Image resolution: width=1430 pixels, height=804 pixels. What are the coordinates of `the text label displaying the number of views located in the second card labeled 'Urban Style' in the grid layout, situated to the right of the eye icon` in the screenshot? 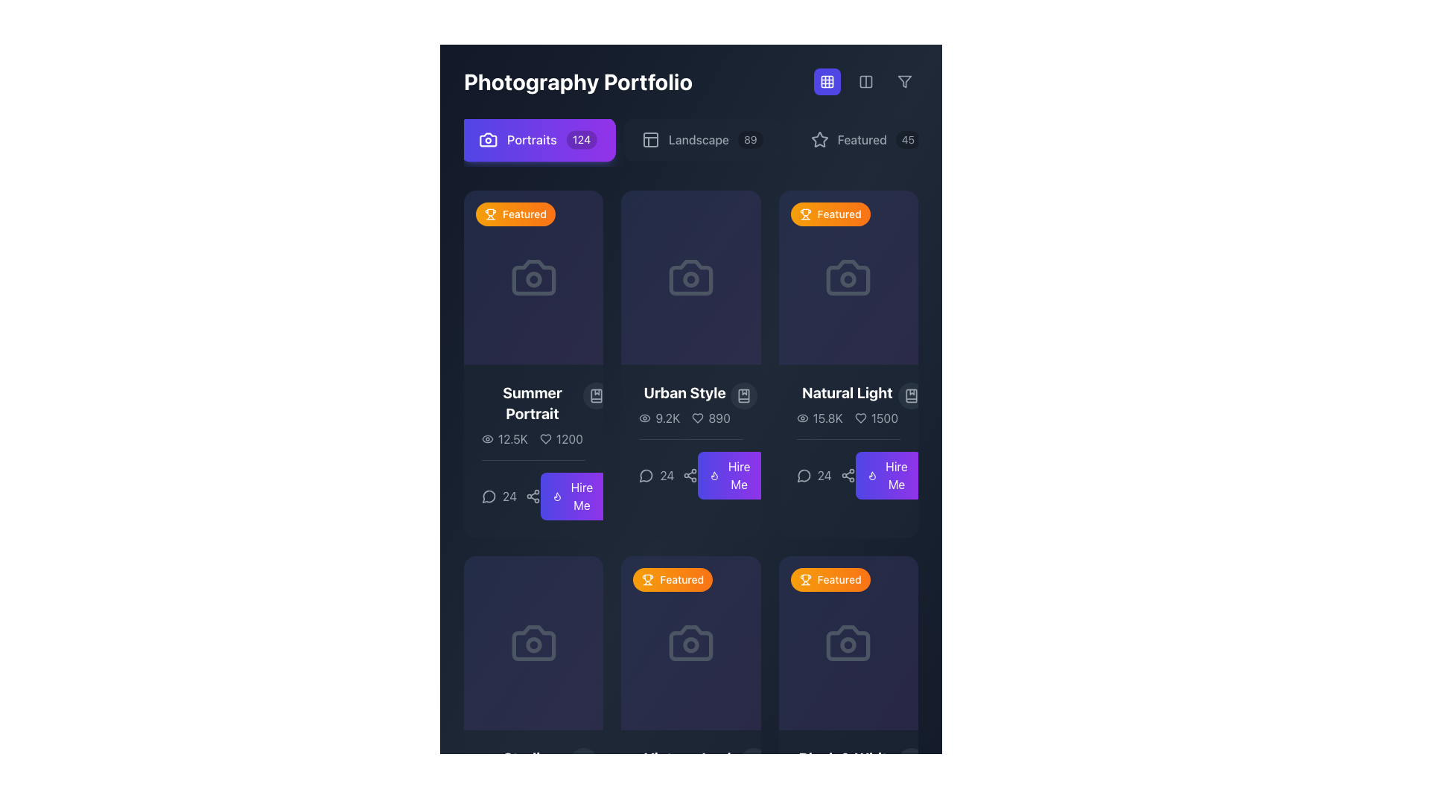 It's located at (667, 418).